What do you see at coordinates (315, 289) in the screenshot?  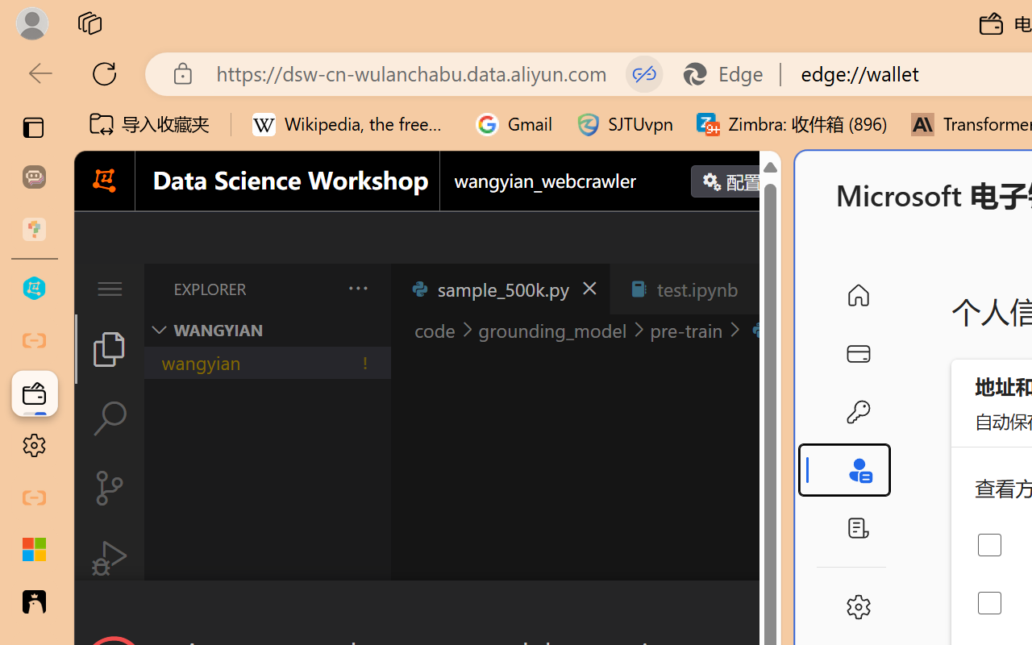 I see `'Explorer actions'` at bounding box center [315, 289].